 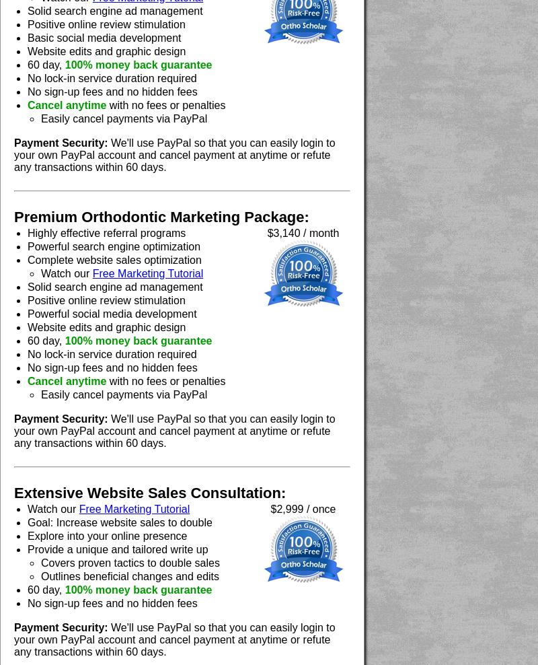 I want to click on 'Outlines beneficial changes and edits', so click(x=129, y=576).